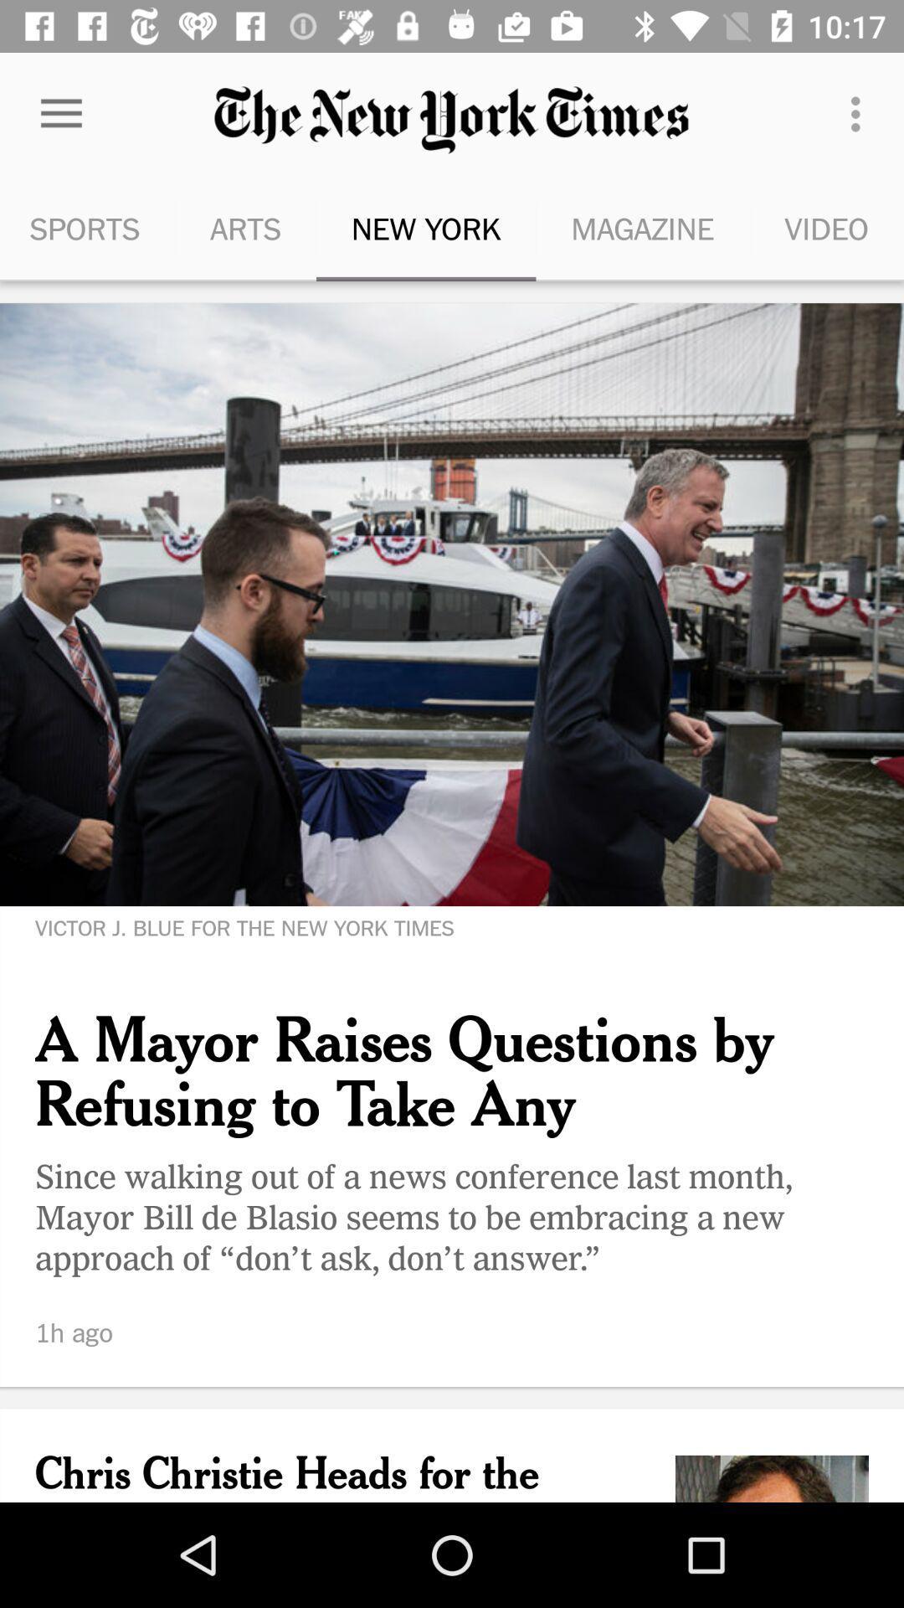 Image resolution: width=904 pixels, height=1608 pixels. Describe the element at coordinates (642, 228) in the screenshot. I see `magazine` at that location.